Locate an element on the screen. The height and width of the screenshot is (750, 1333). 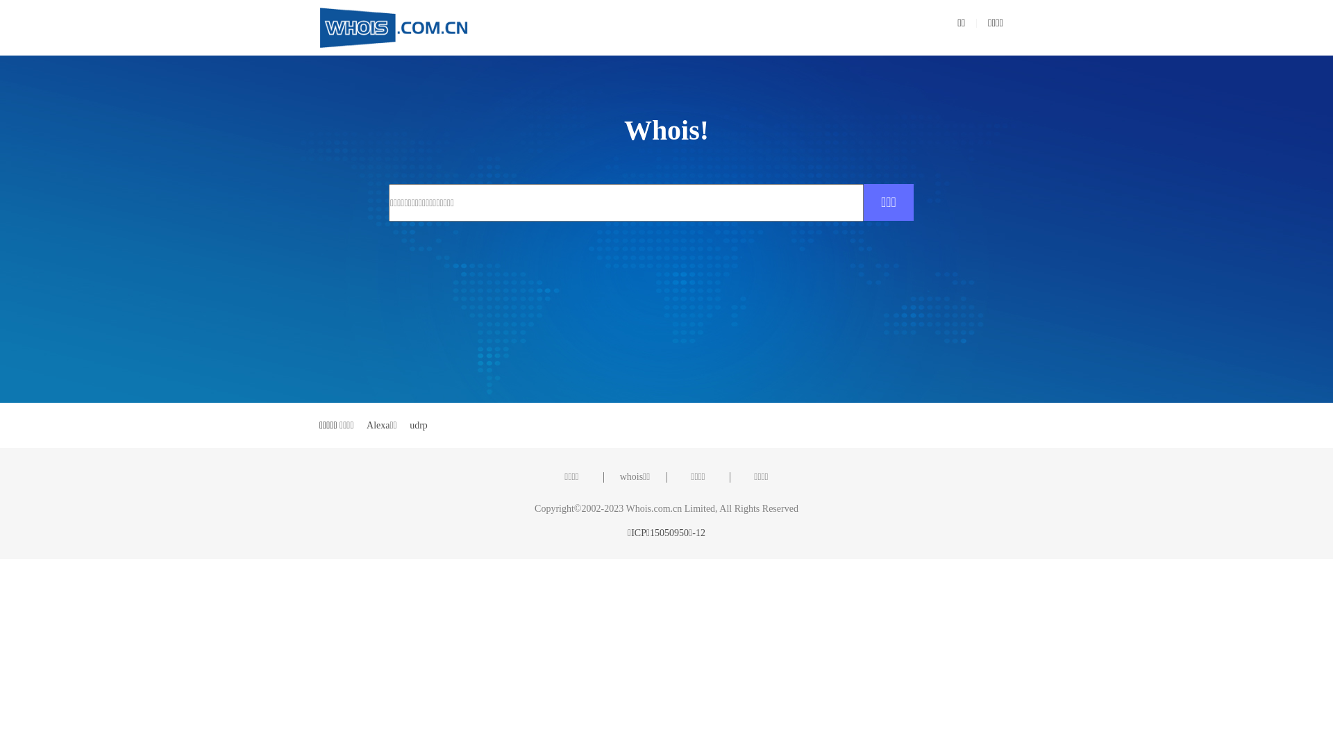
'udrp' is located at coordinates (418, 424).